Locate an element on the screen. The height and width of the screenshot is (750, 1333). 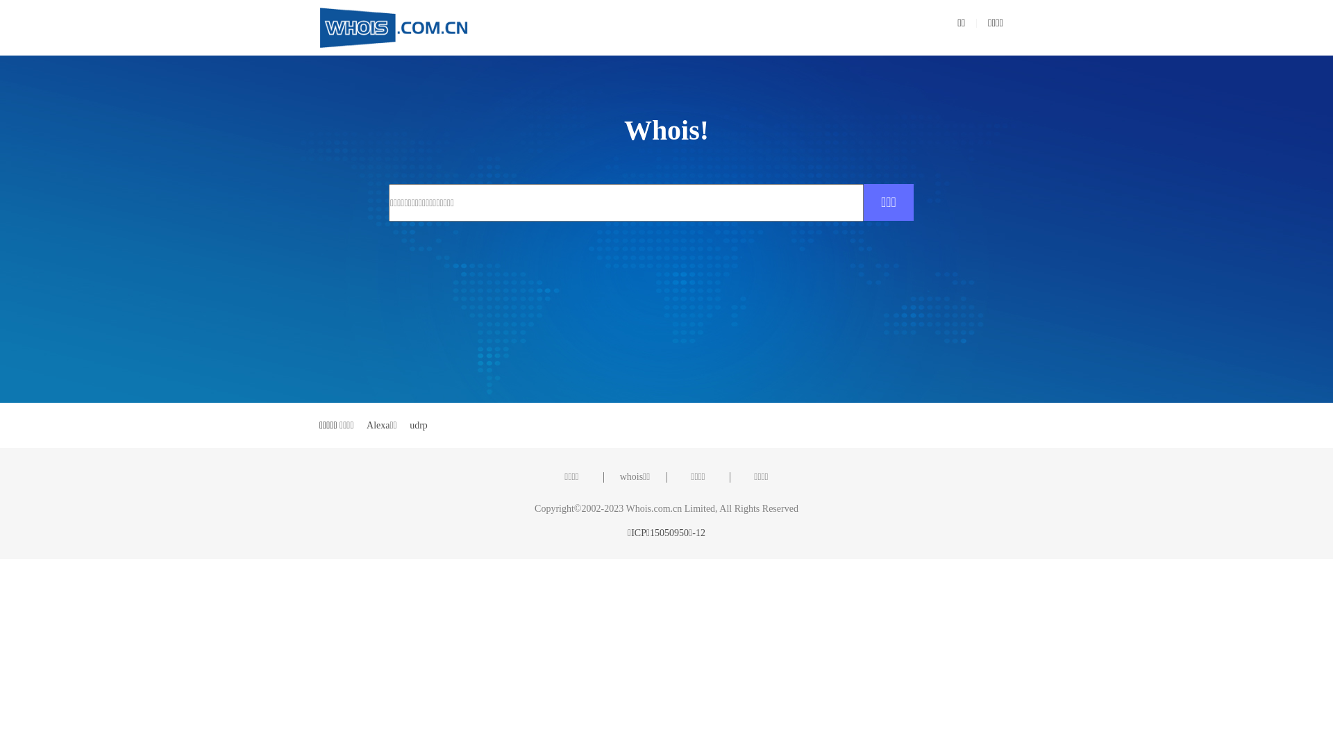
'udrp' is located at coordinates (418, 424).